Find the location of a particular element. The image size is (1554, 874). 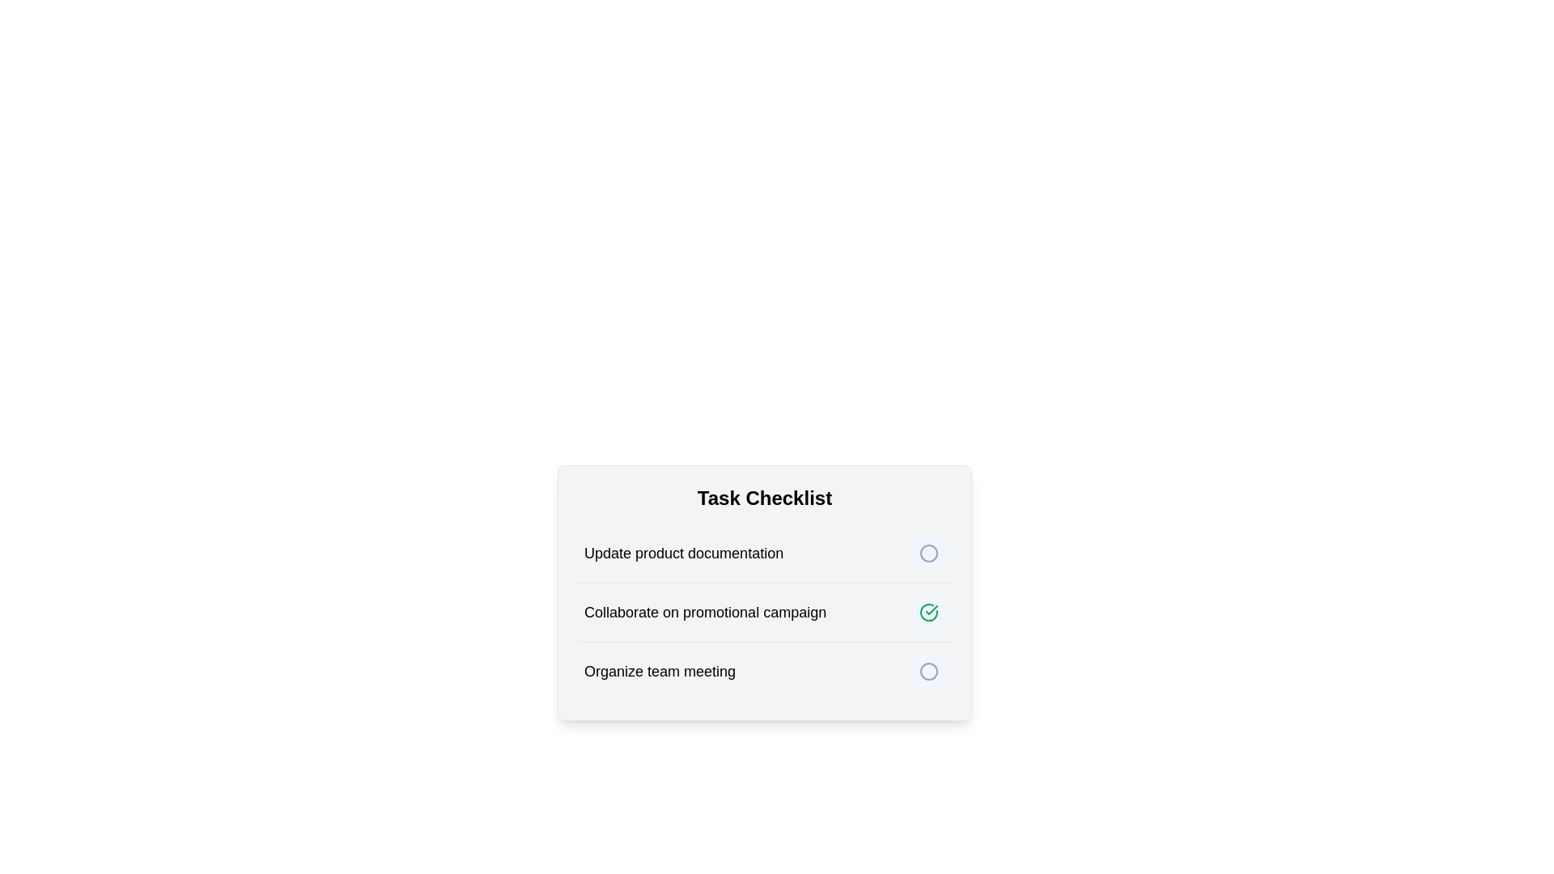

the text label that describes the corresponding checklist action item positioned as the leftmost item in the third row of a horizontally structured group is located at coordinates (660, 671).